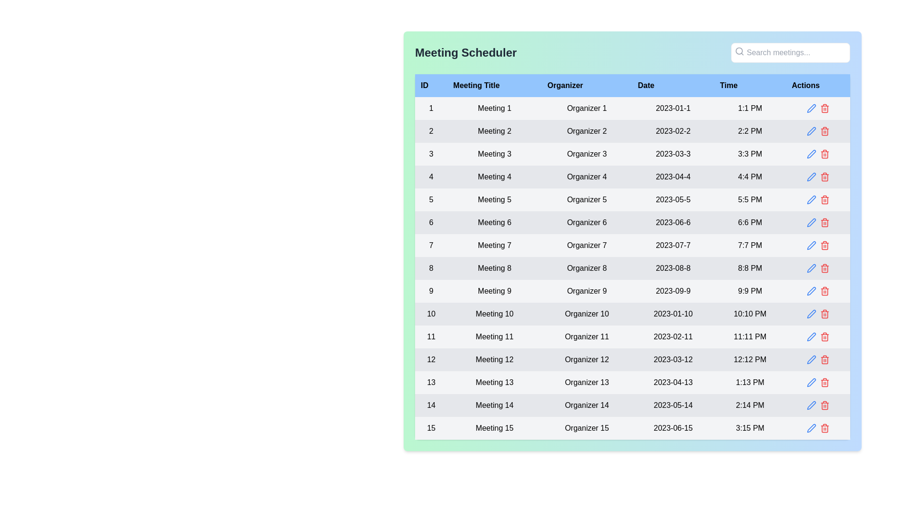 The height and width of the screenshot is (514, 915). Describe the element at coordinates (431, 314) in the screenshot. I see `the row containing the text label '10', which is the first element in the 10th row of the table, aligned to the left with a light gray background` at that location.